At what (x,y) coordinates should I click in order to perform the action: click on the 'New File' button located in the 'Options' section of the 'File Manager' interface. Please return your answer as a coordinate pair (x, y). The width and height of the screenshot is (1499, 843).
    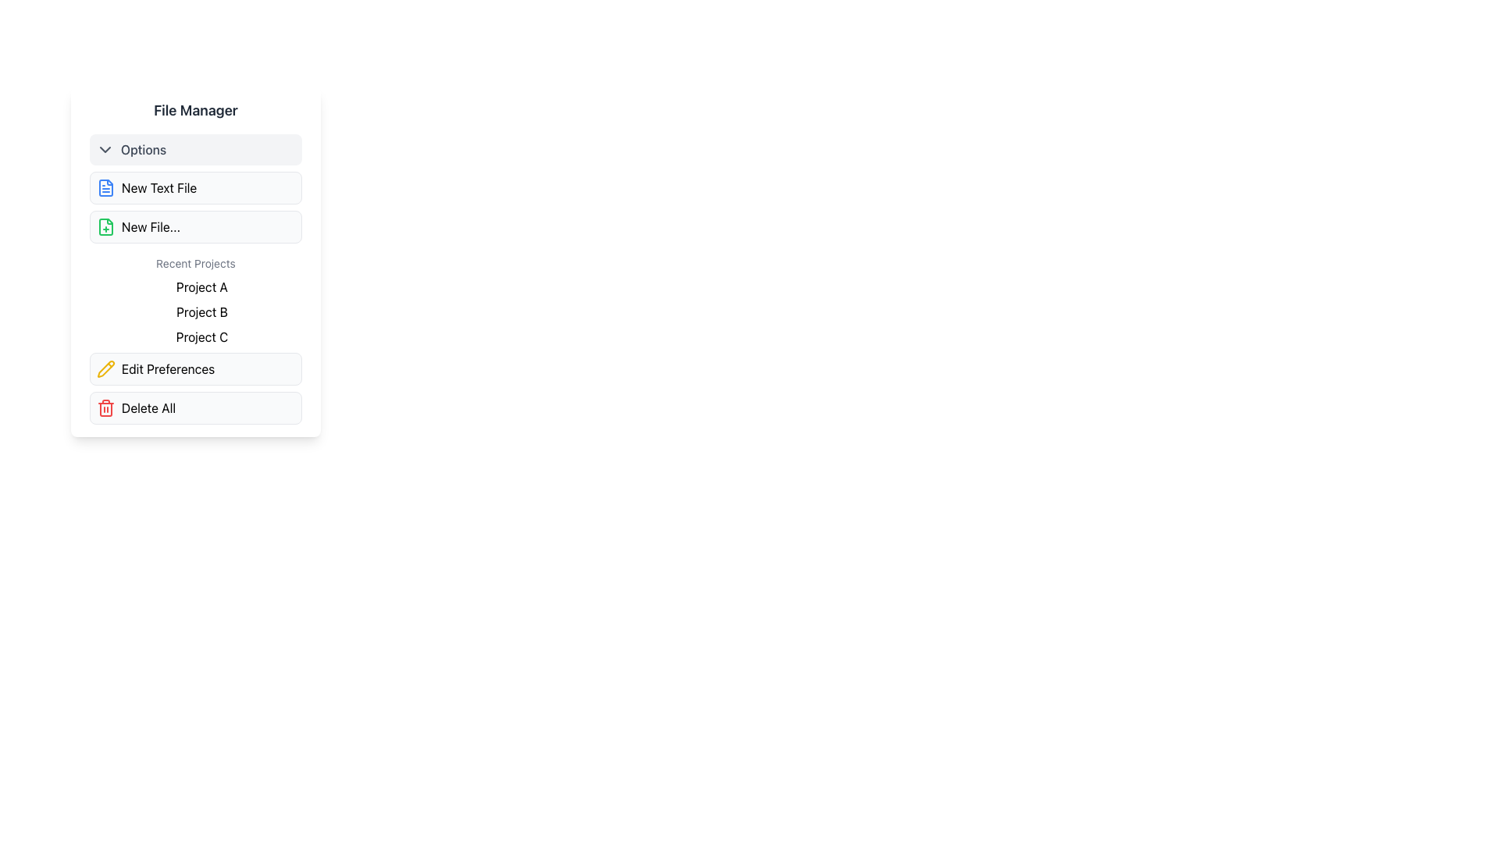
    Looking at the image, I should click on (194, 187).